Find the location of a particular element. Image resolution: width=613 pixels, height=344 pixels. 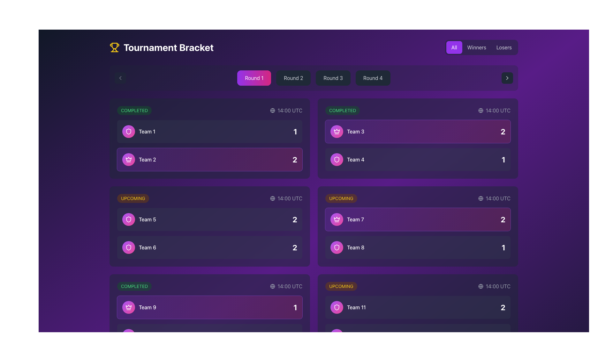

the textual label displaying 'Round 3' in the top navigation bar is located at coordinates (333, 78).